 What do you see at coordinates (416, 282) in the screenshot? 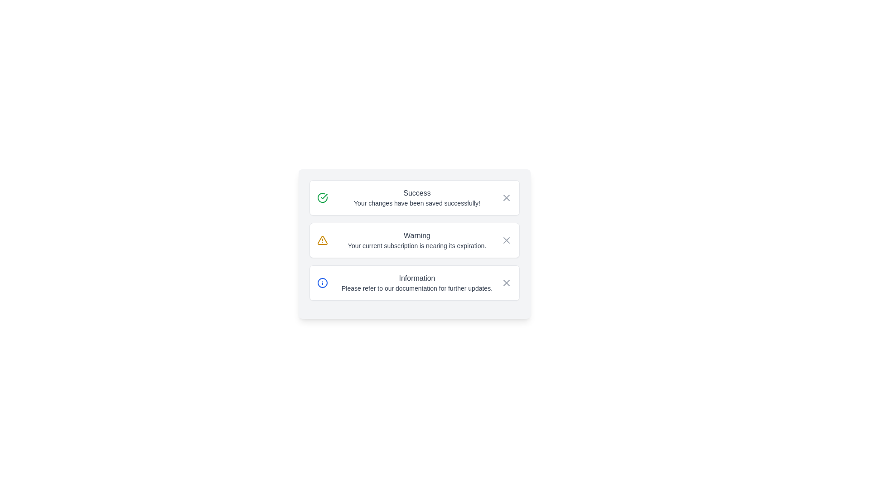
I see `the major text block inside the third notification card at the bottom of the three-row stack of information cards that provides guidance or details to the user` at bounding box center [416, 282].